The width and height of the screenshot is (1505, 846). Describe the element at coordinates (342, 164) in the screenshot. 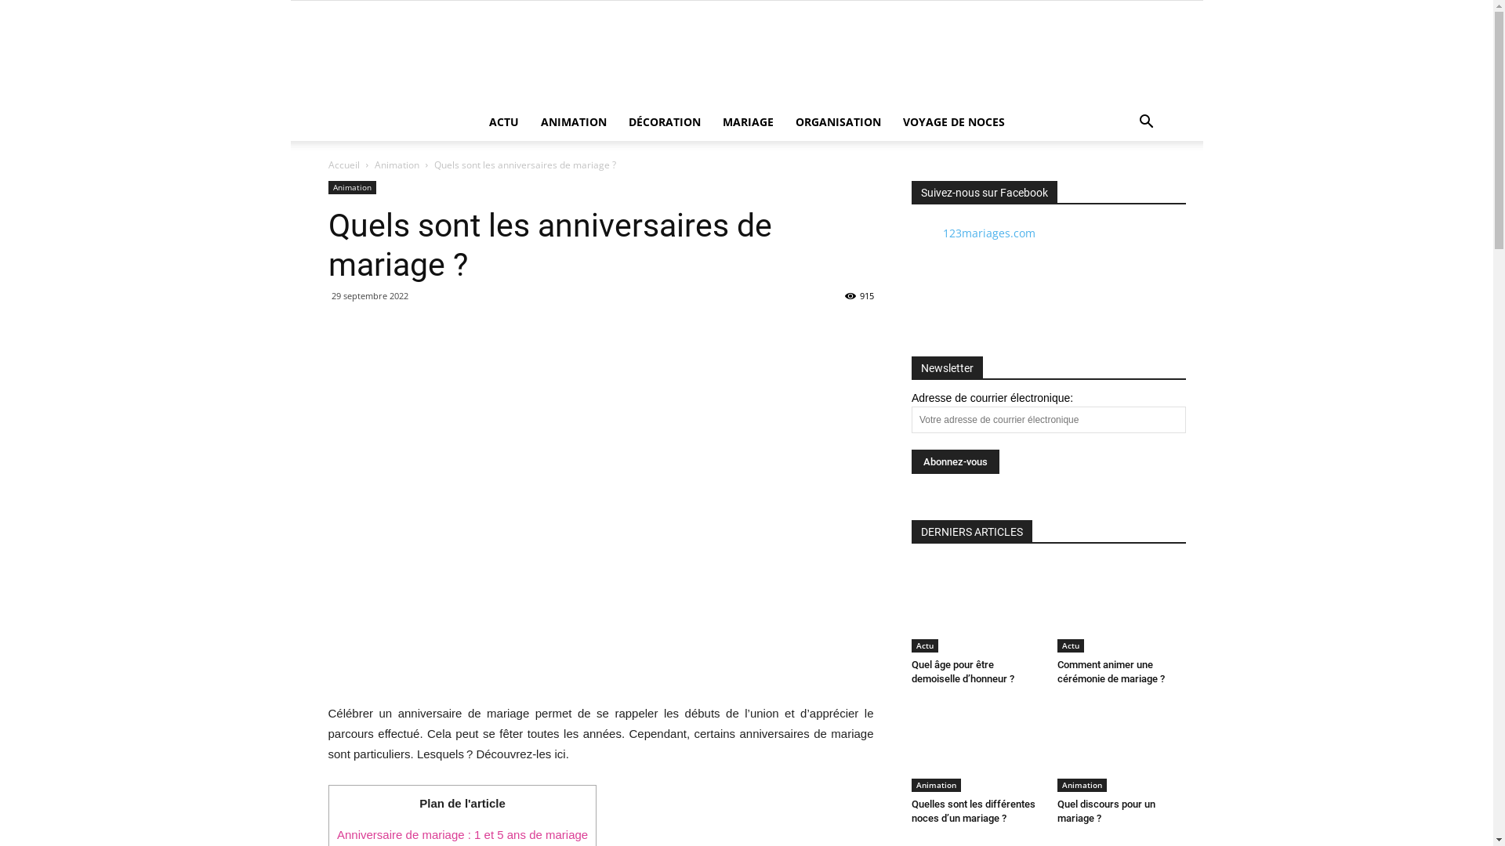

I see `'Accueil'` at that location.